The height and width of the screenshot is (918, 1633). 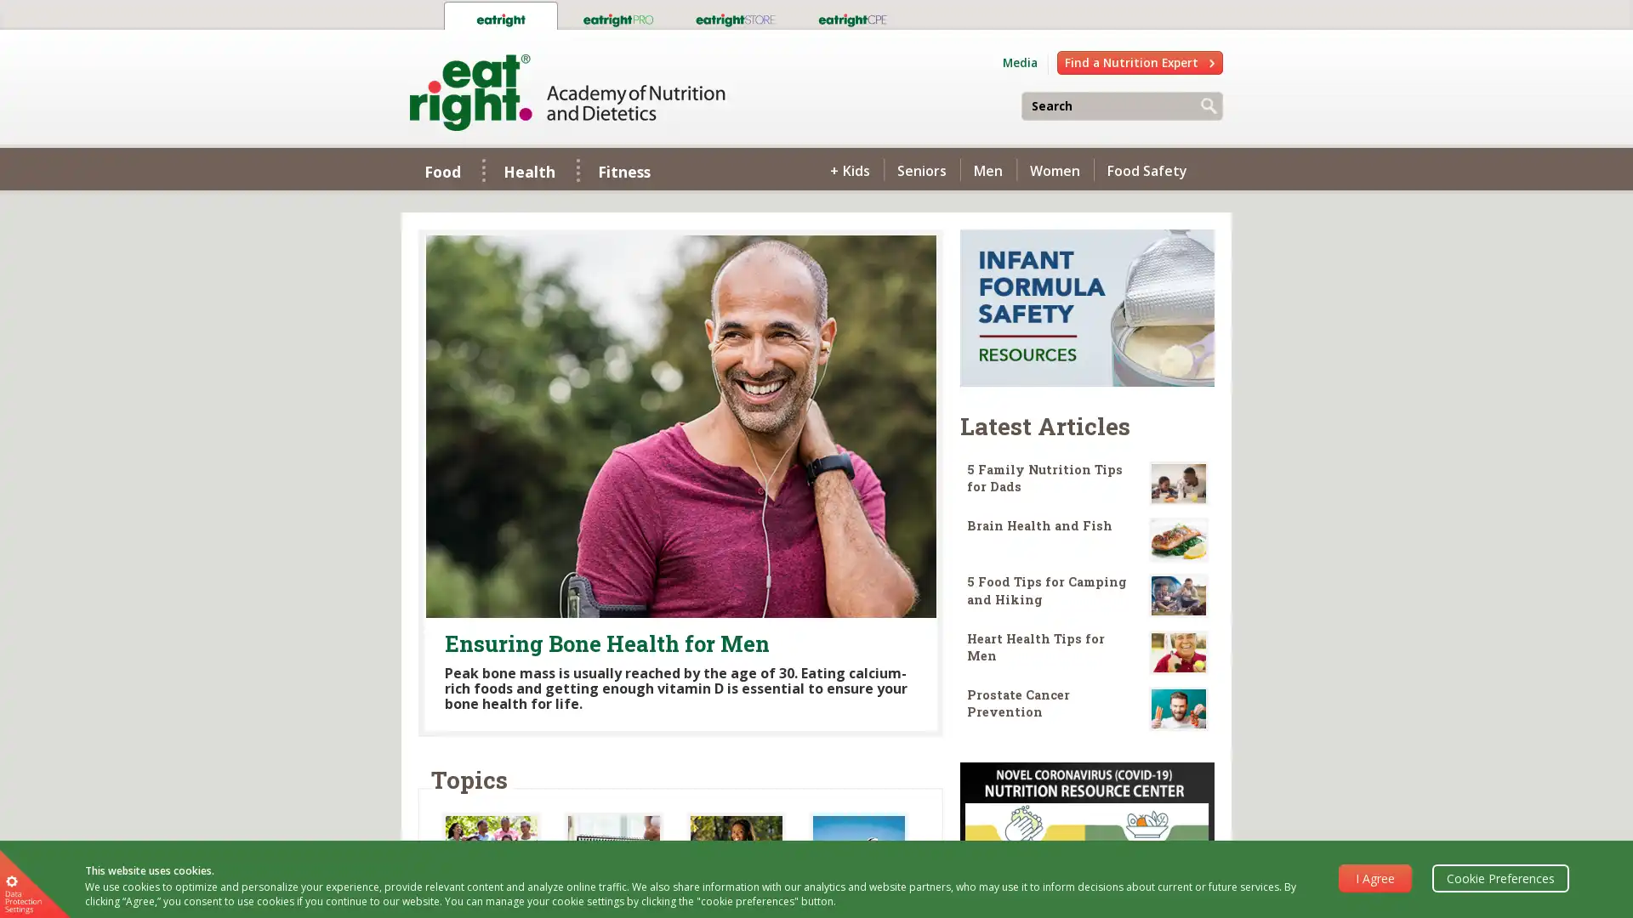 What do you see at coordinates (1208, 107) in the screenshot?
I see `> Submit` at bounding box center [1208, 107].